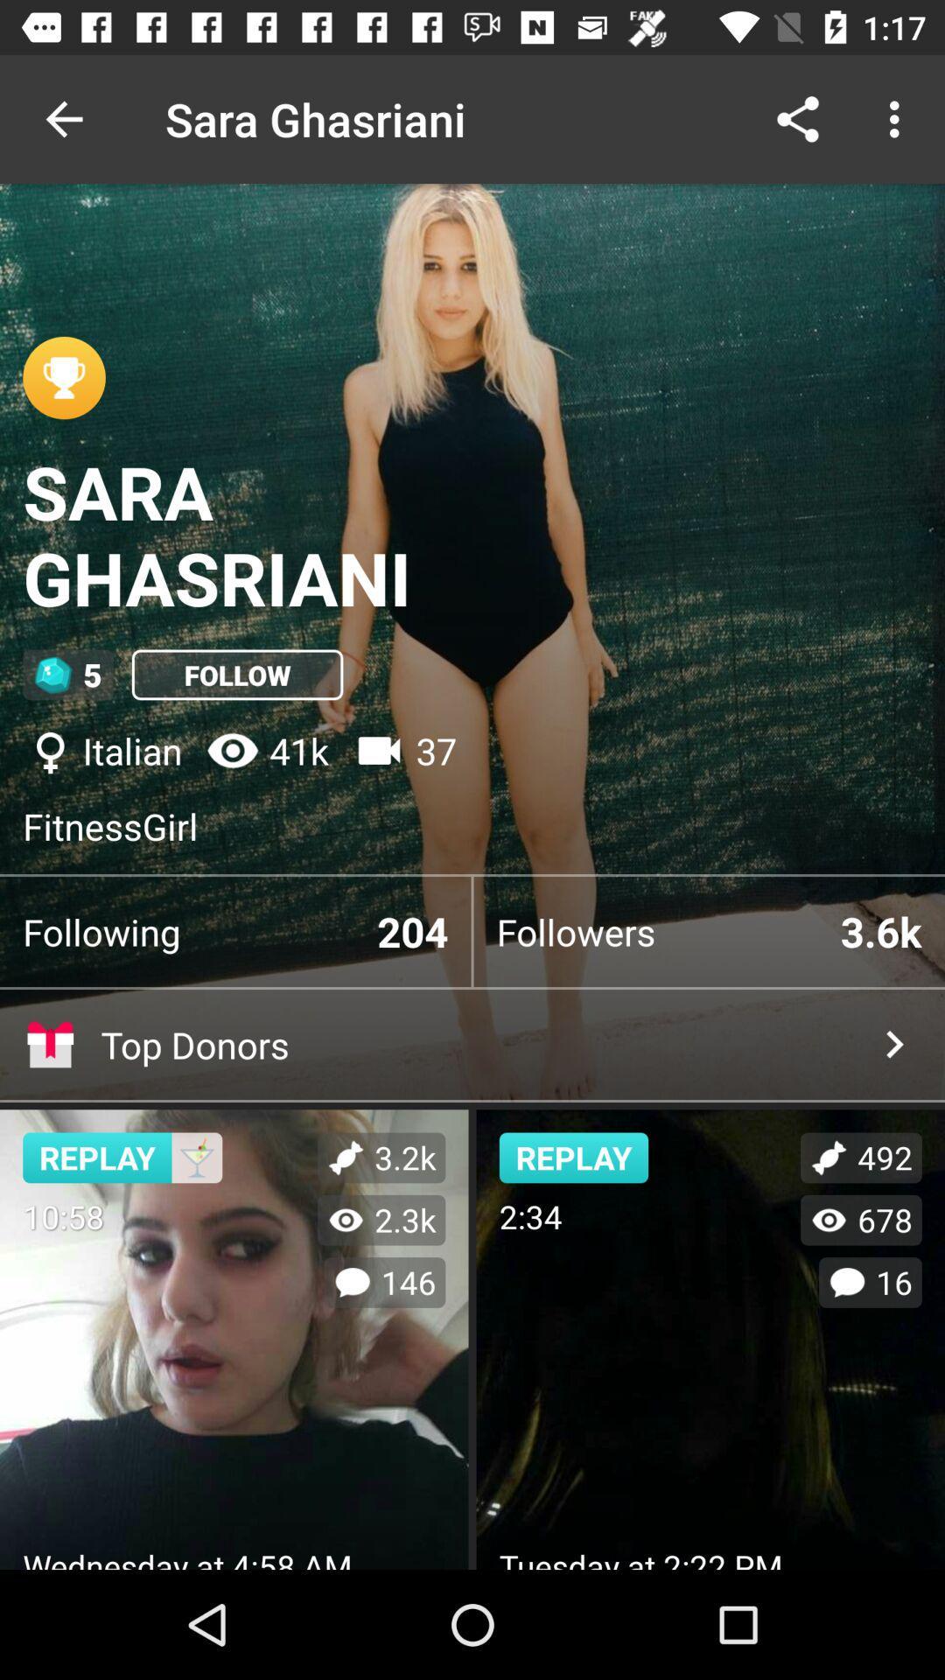  I want to click on icon below sara, so click(237, 674).